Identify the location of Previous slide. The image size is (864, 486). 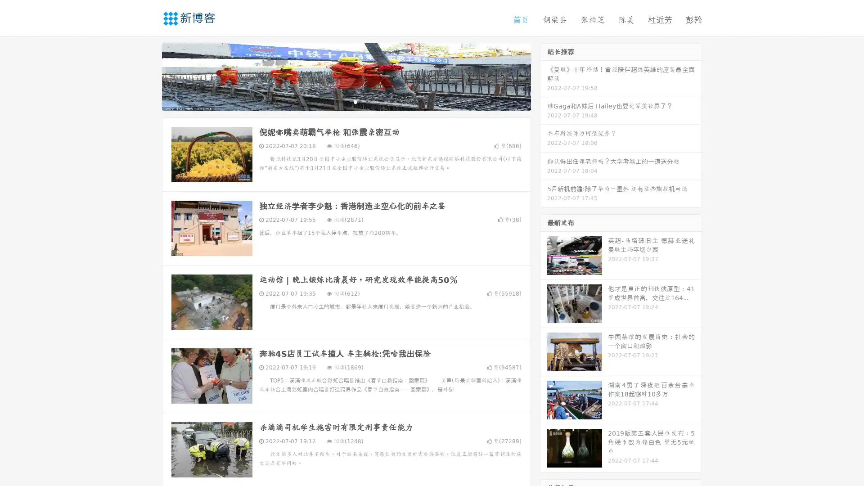
(148, 76).